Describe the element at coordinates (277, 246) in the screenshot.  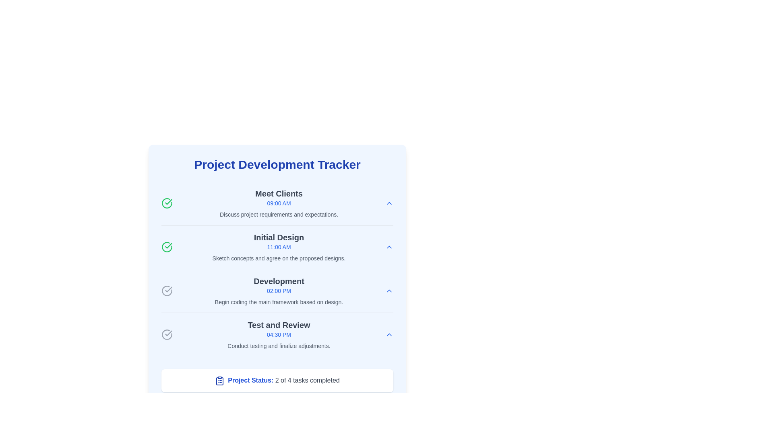
I see `the Task entry in the scheduler interface that displays 'Initial Design' prominently in bold, with the subtitle '11:00 AM' in blue and a description below it` at that location.